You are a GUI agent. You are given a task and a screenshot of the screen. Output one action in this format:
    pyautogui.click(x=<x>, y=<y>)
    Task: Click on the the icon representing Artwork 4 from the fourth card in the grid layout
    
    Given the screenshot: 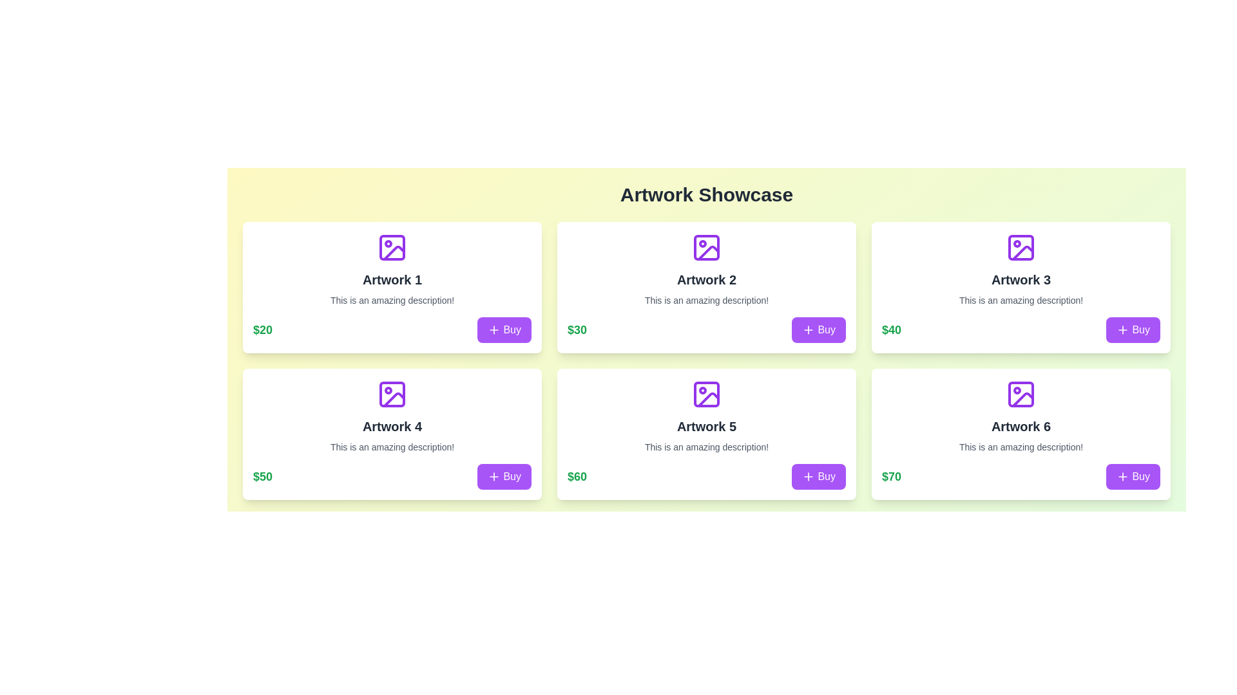 What is the action you would take?
    pyautogui.click(x=392, y=394)
    